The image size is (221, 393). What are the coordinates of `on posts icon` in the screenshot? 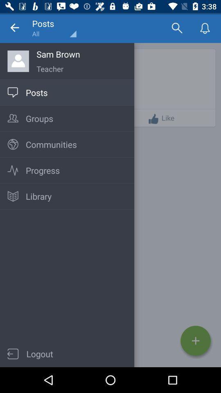 It's located at (12, 92).